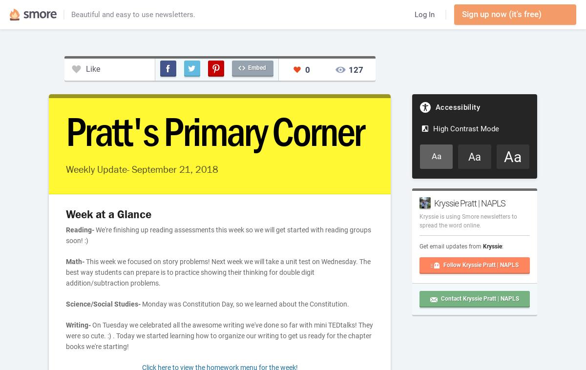 This screenshot has height=370, width=586. Describe the element at coordinates (142, 169) in the screenshot. I see `'Weekly Update- September 21, 2018'` at that location.